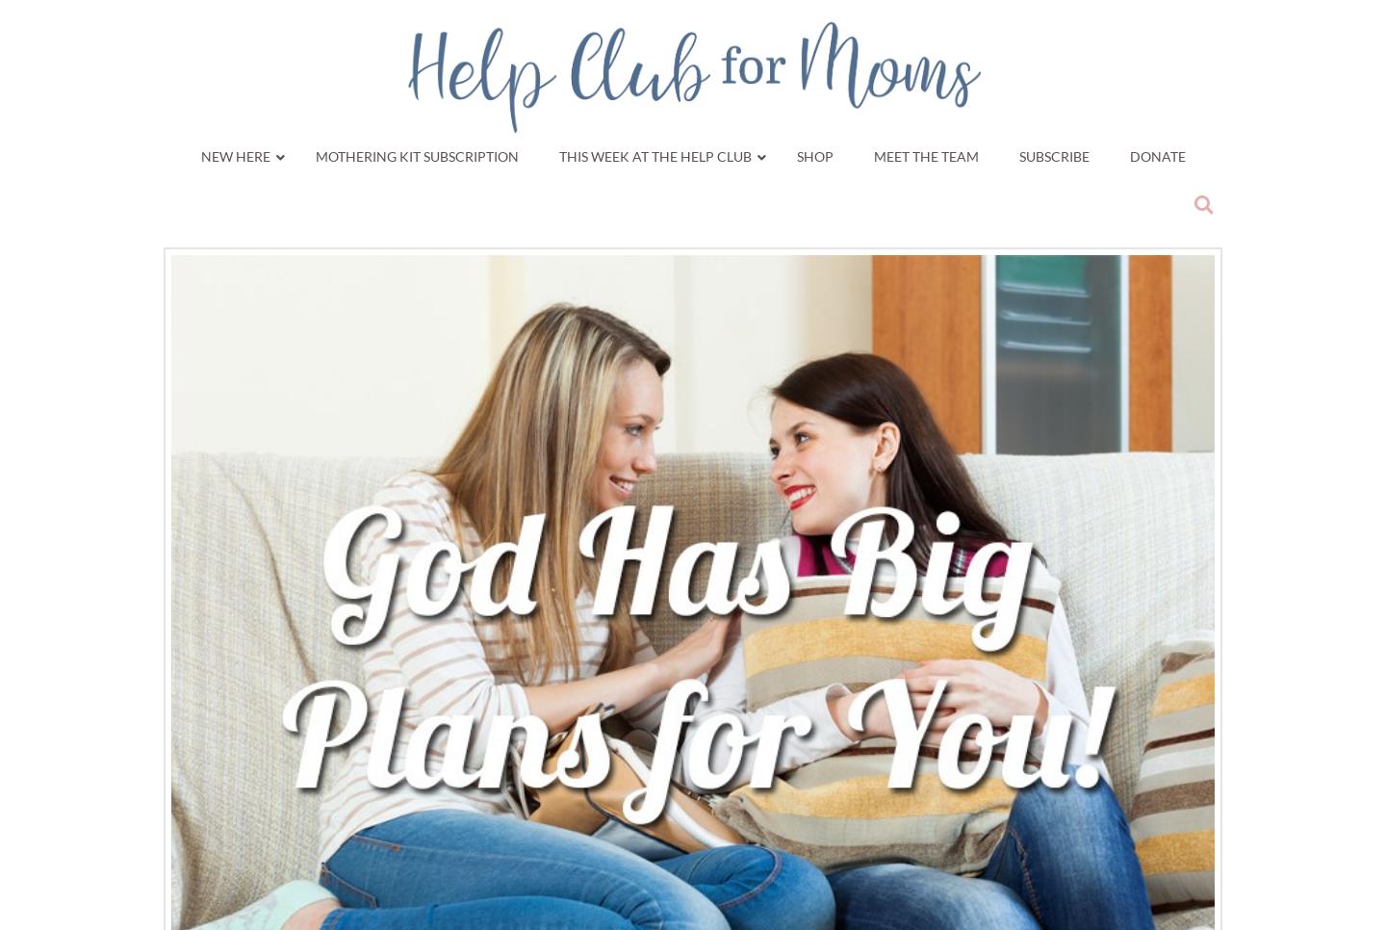 This screenshot has width=1386, height=930. I want to click on 'Current Study', so click(936, 527).